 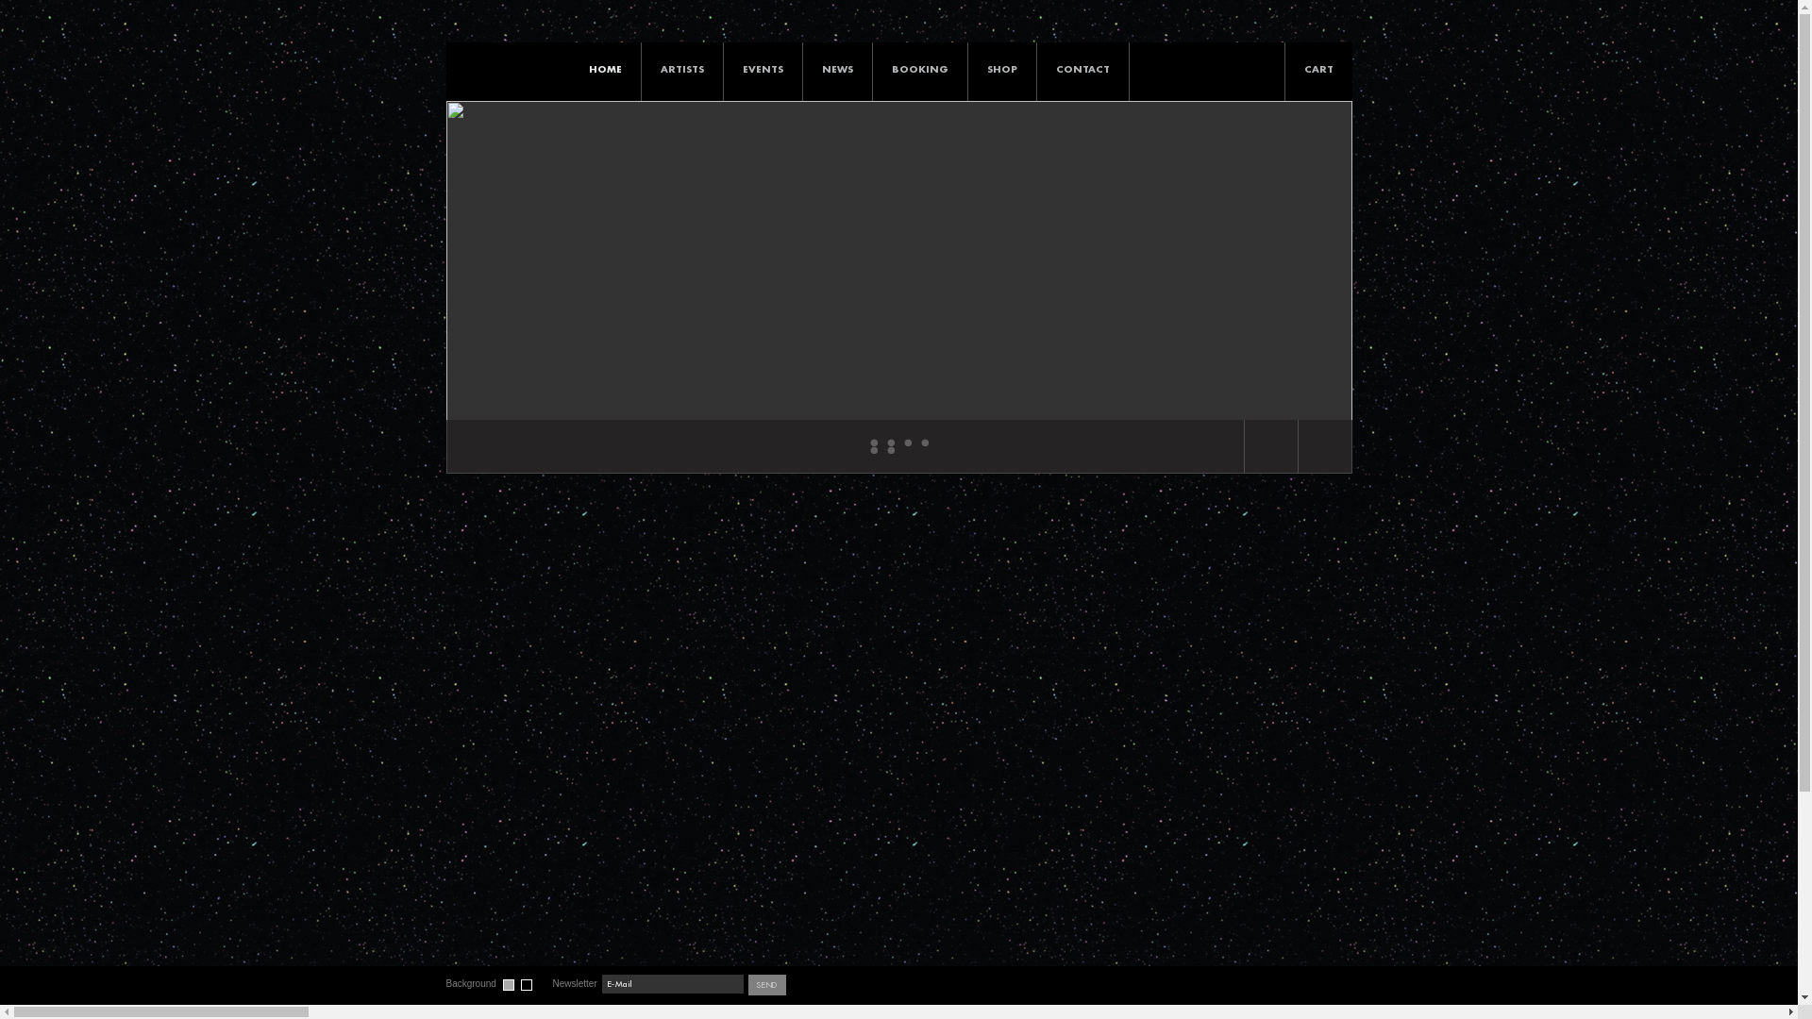 I want to click on 'SHOP', so click(x=1000, y=68).